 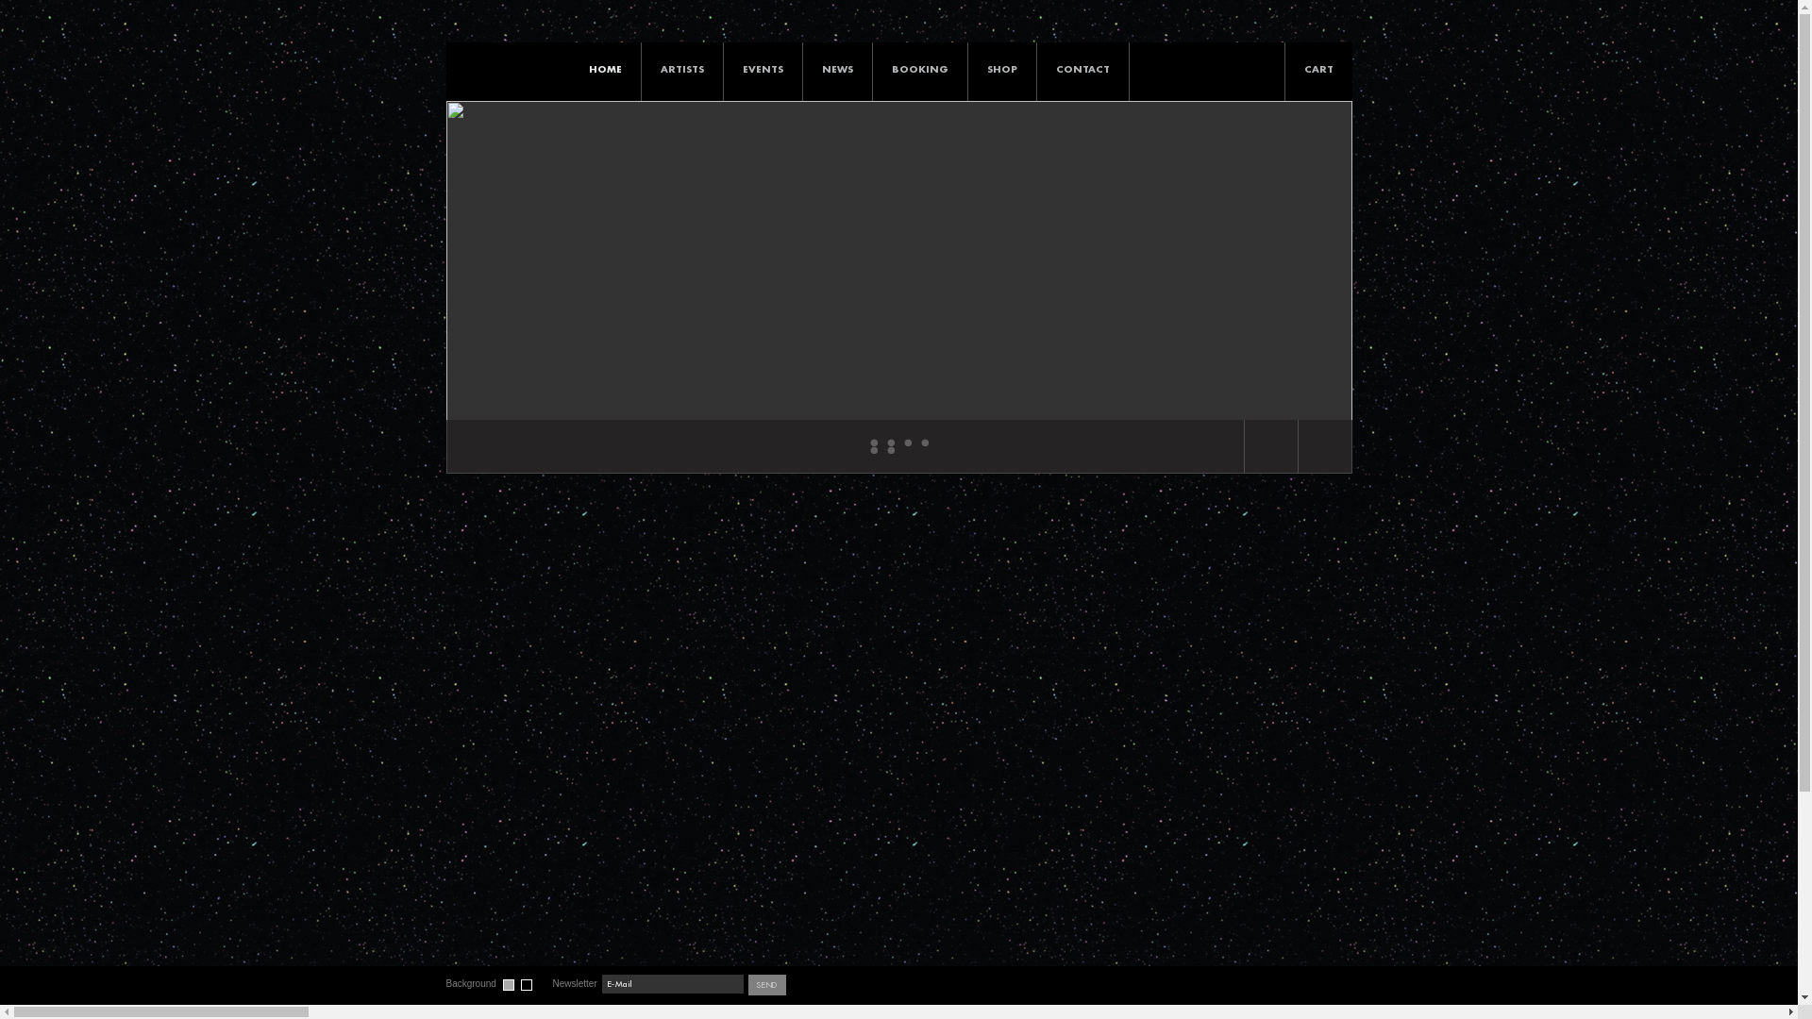 I want to click on 'SHOP', so click(x=1000, y=68).